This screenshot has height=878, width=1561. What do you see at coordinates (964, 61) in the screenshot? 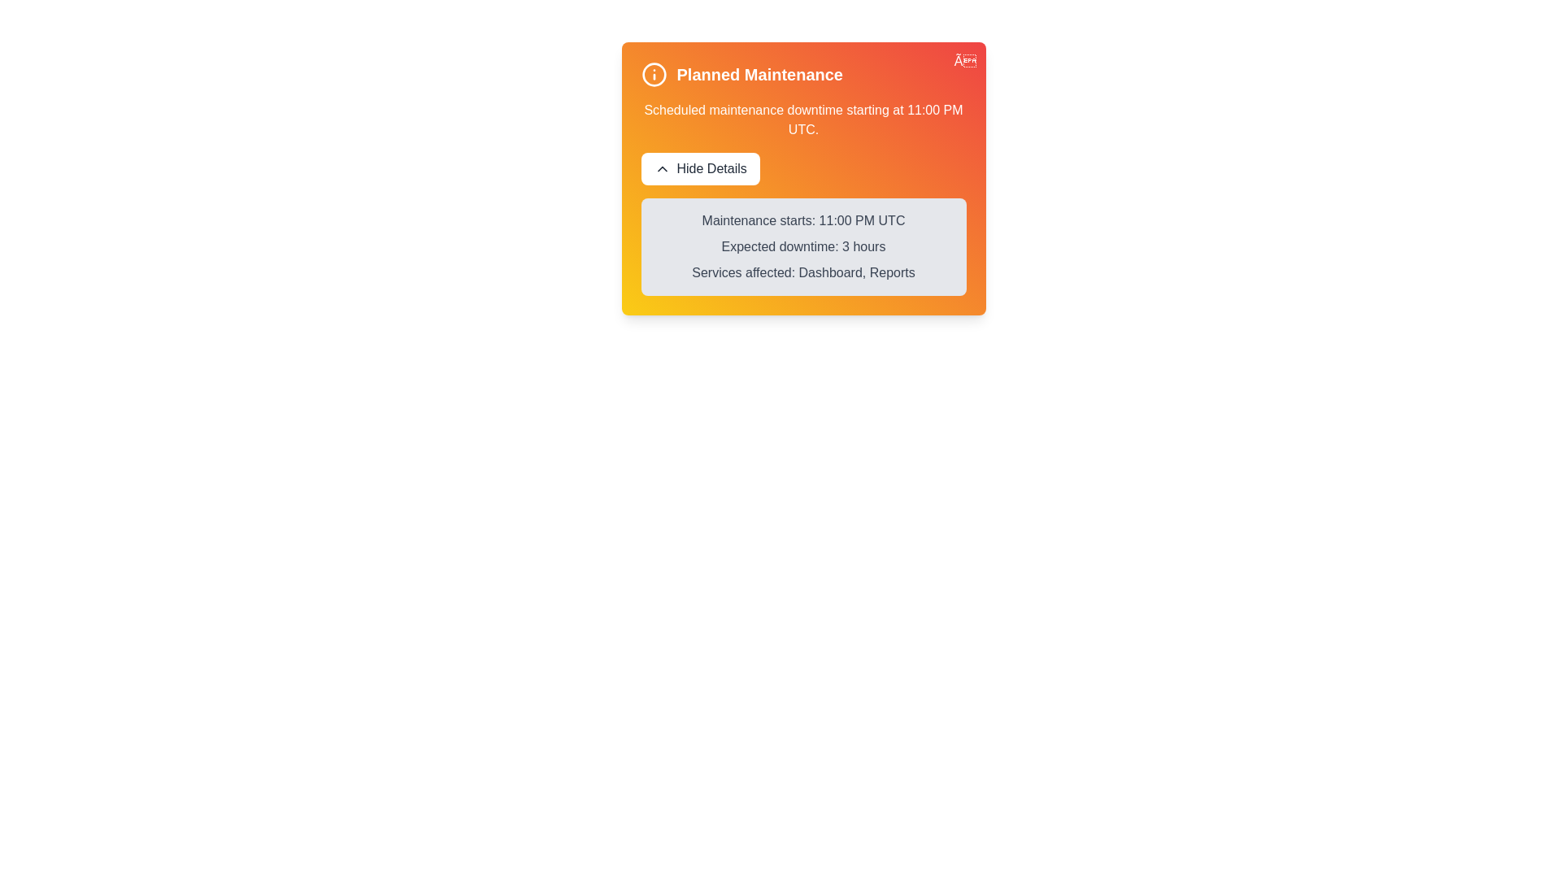
I see `the close button to close the alert` at bounding box center [964, 61].